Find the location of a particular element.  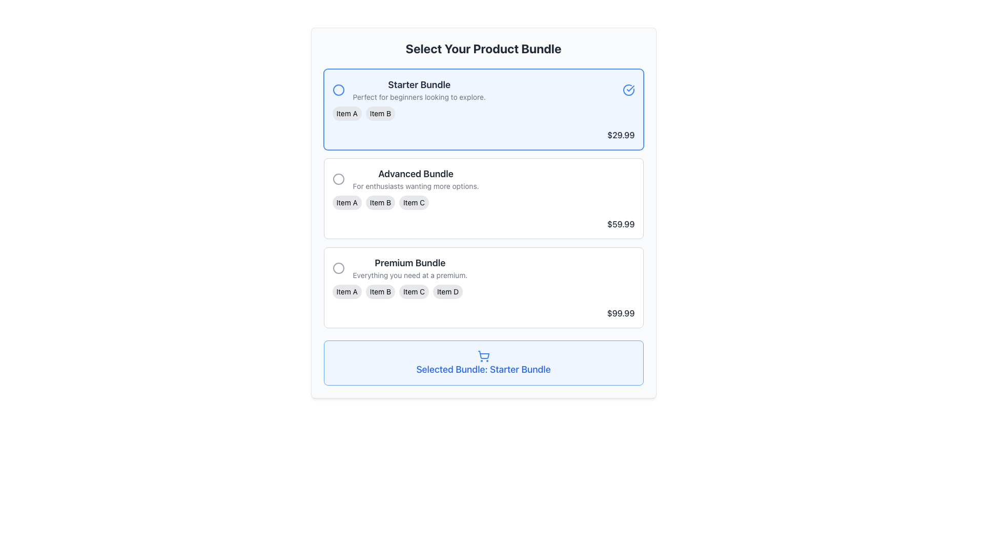

the label displaying 'Item B' in the 'Premium Bundle' section, which is a small rounded rectangular label with a light gray background and black text is located at coordinates (380, 292).